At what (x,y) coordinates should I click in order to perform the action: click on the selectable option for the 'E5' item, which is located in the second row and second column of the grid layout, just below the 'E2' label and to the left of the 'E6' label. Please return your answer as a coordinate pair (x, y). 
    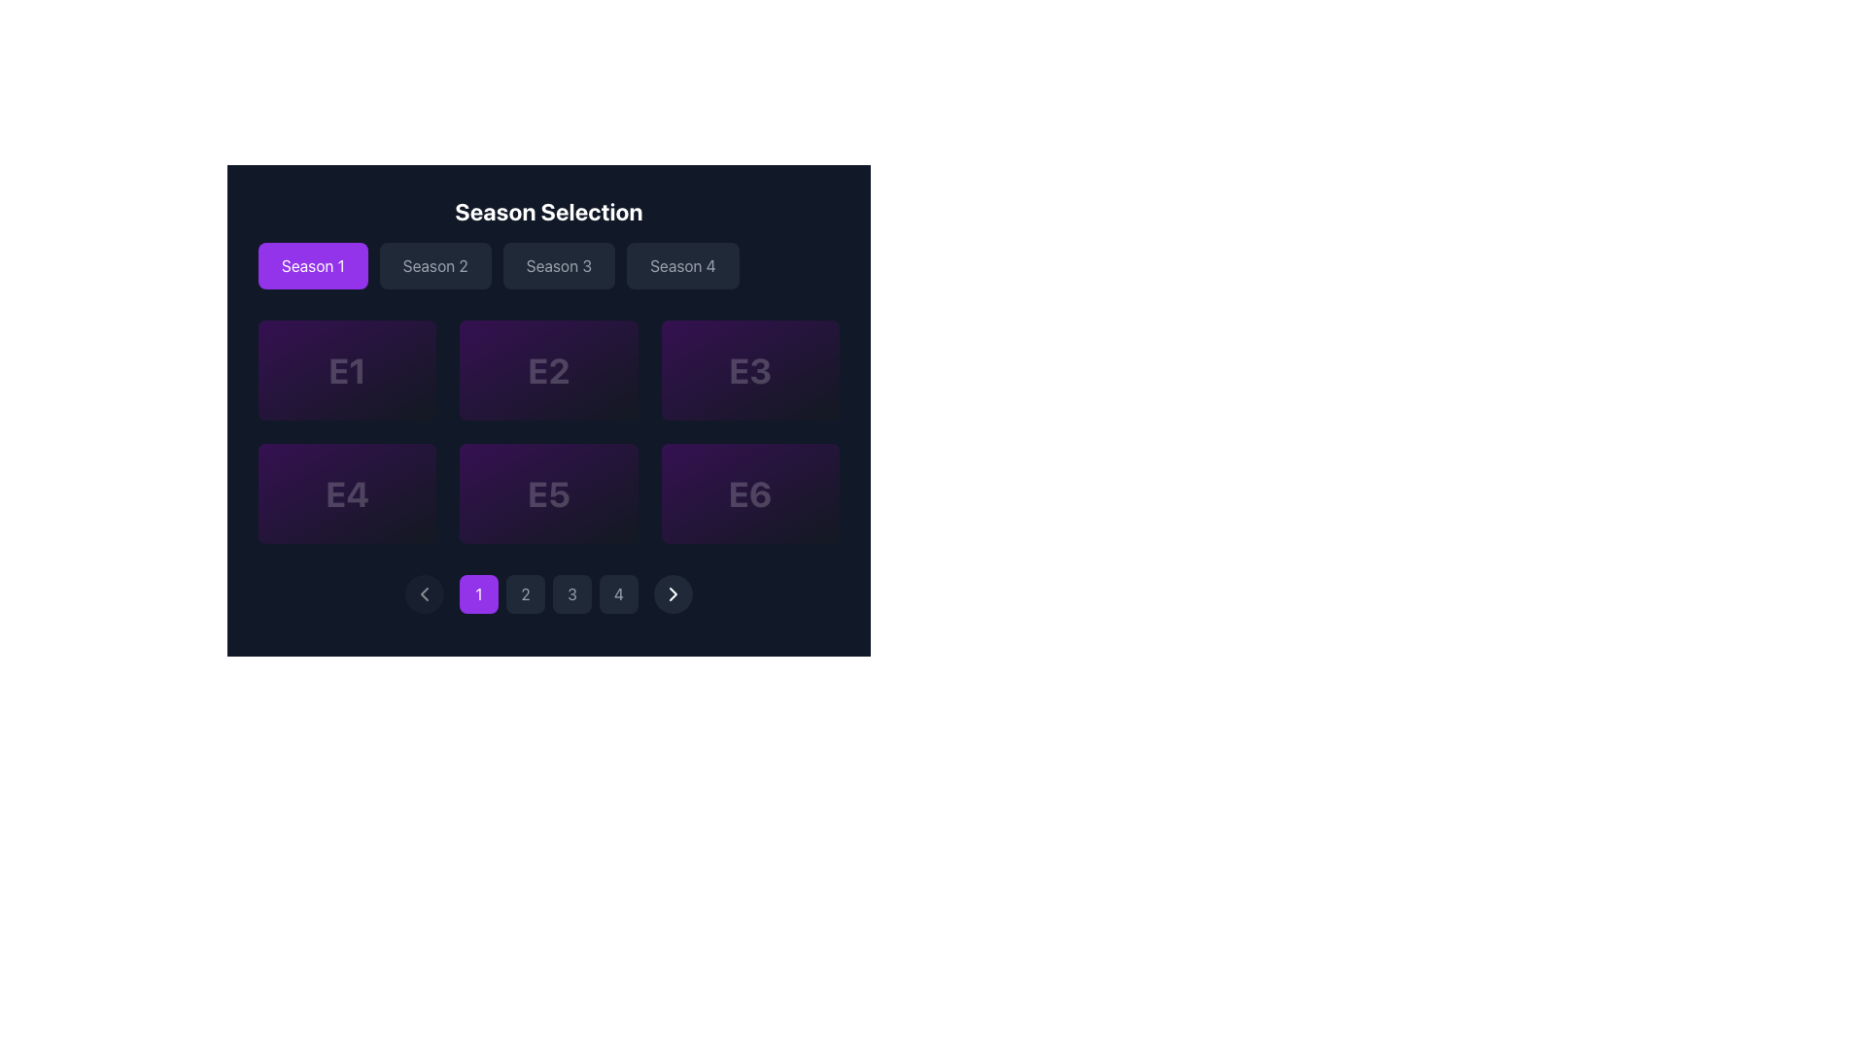
    Looking at the image, I should click on (548, 492).